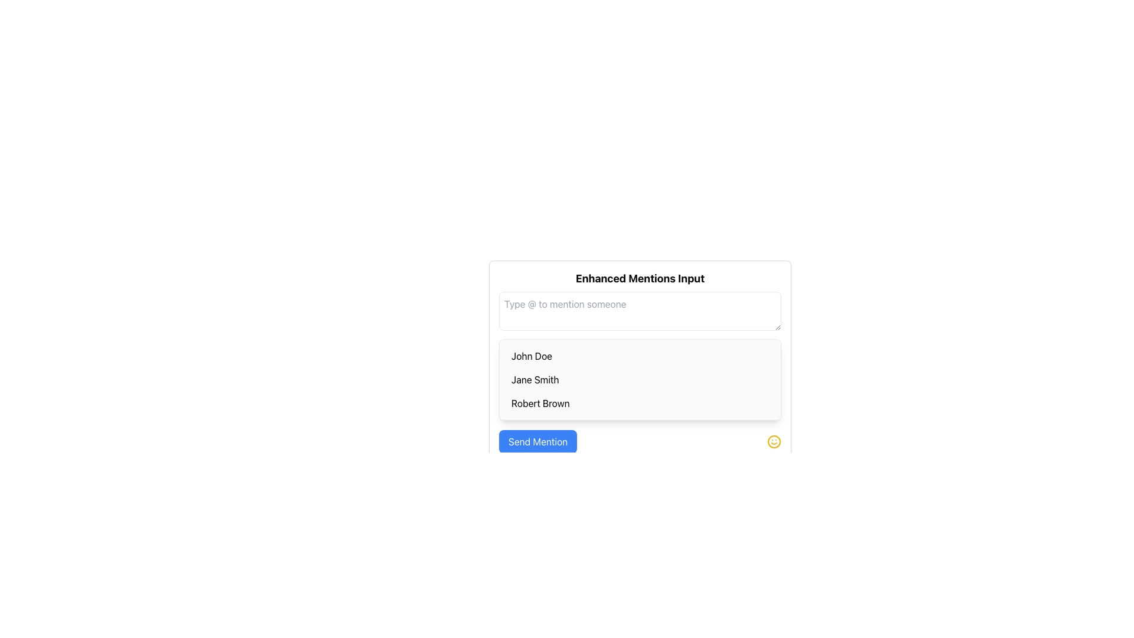  I want to click on the selectable list item labeled 'Robert Brown', so click(640, 402).